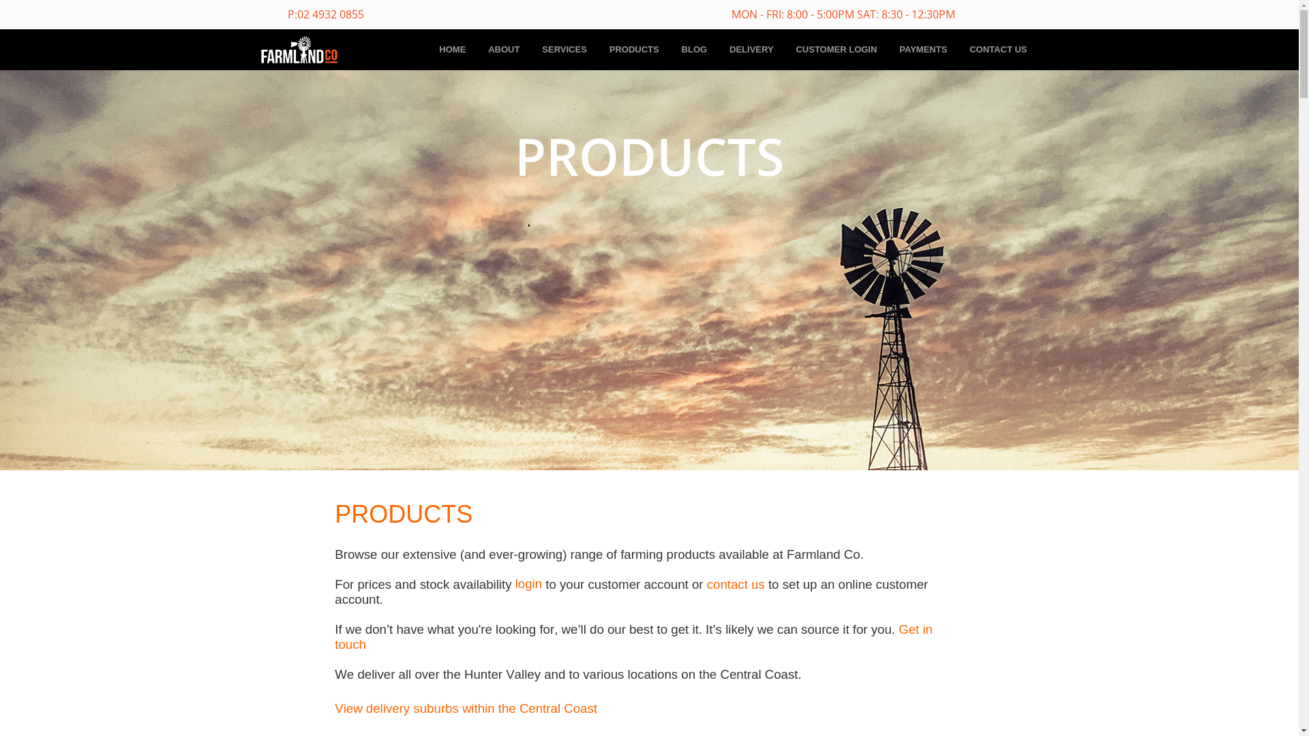 The height and width of the screenshot is (736, 1309). What do you see at coordinates (565, 49) in the screenshot?
I see `'SERVICES'` at bounding box center [565, 49].